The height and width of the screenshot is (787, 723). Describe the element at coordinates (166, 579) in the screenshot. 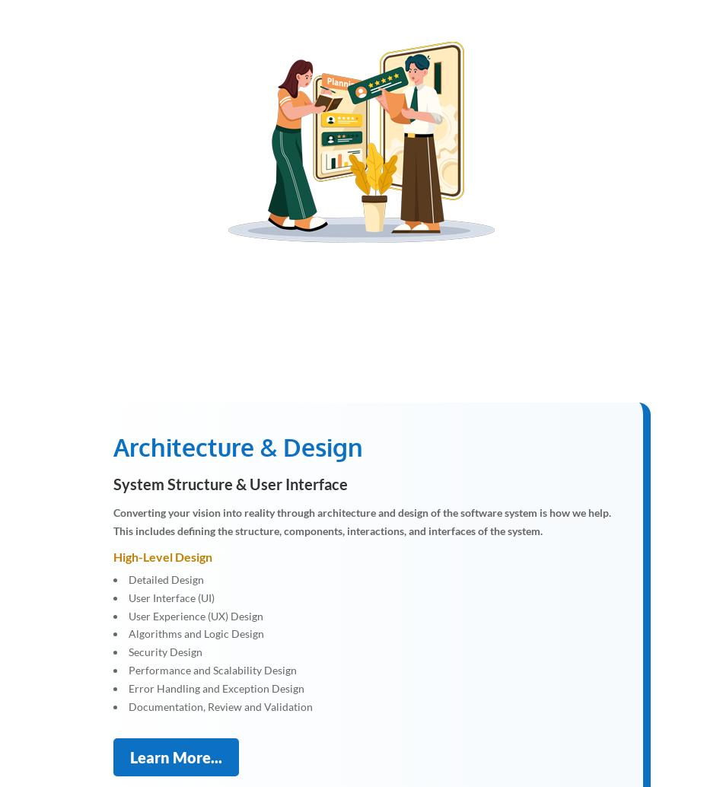

I see `'Detailed Design'` at that location.